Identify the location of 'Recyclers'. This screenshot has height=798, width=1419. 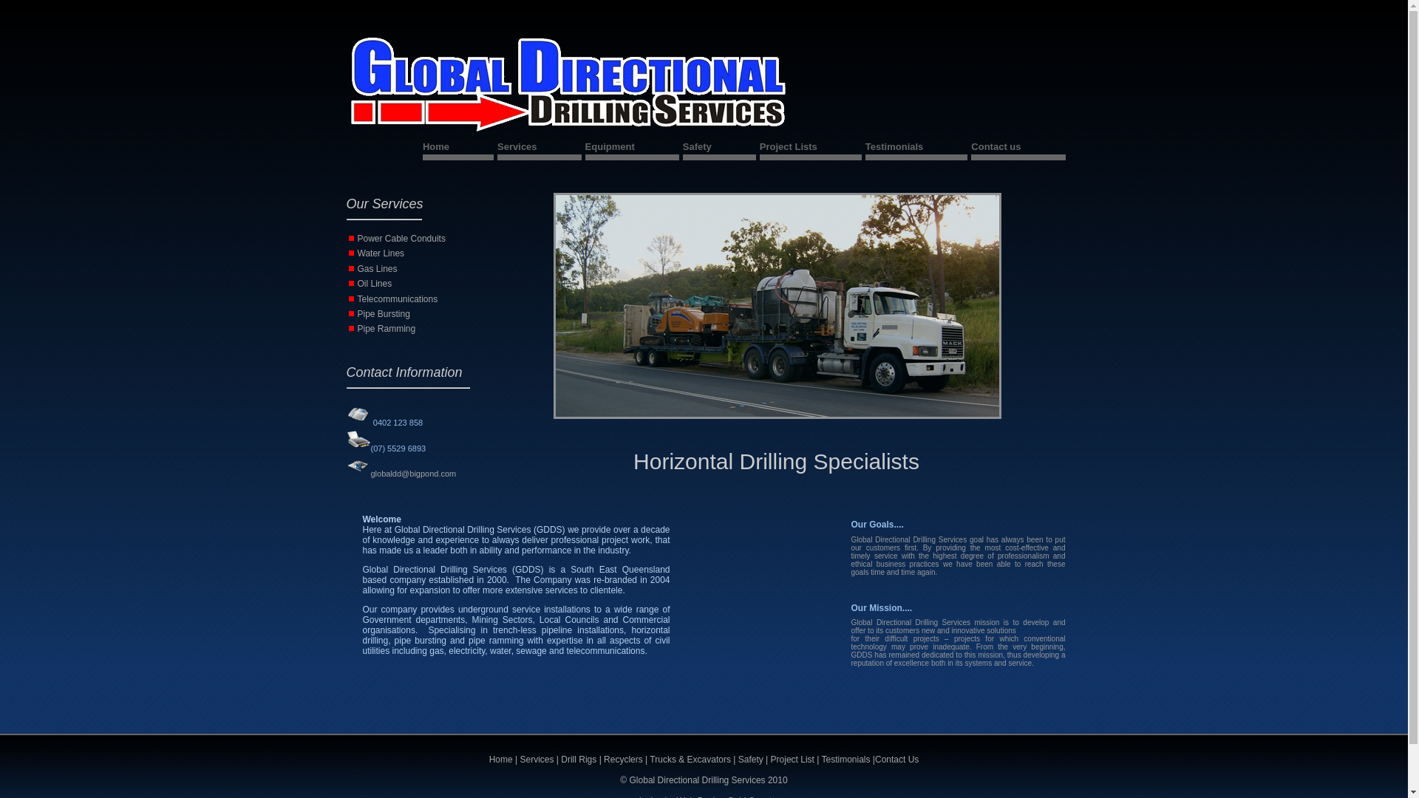
(623, 760).